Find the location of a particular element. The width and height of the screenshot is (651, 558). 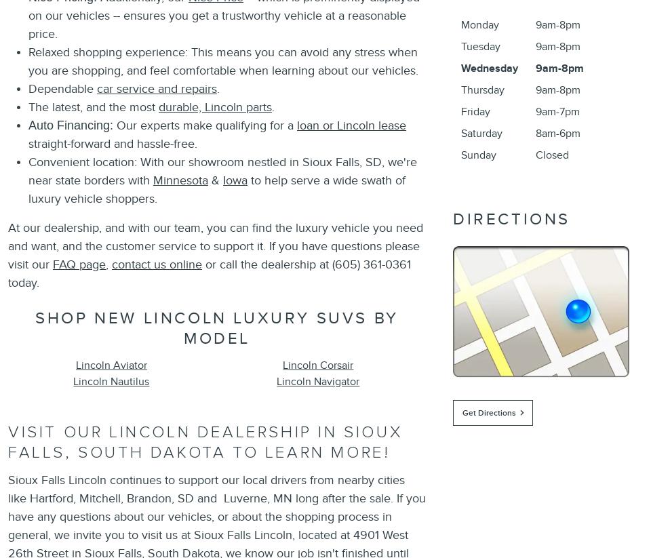

'Lincoln Navigator' is located at coordinates (317, 381).